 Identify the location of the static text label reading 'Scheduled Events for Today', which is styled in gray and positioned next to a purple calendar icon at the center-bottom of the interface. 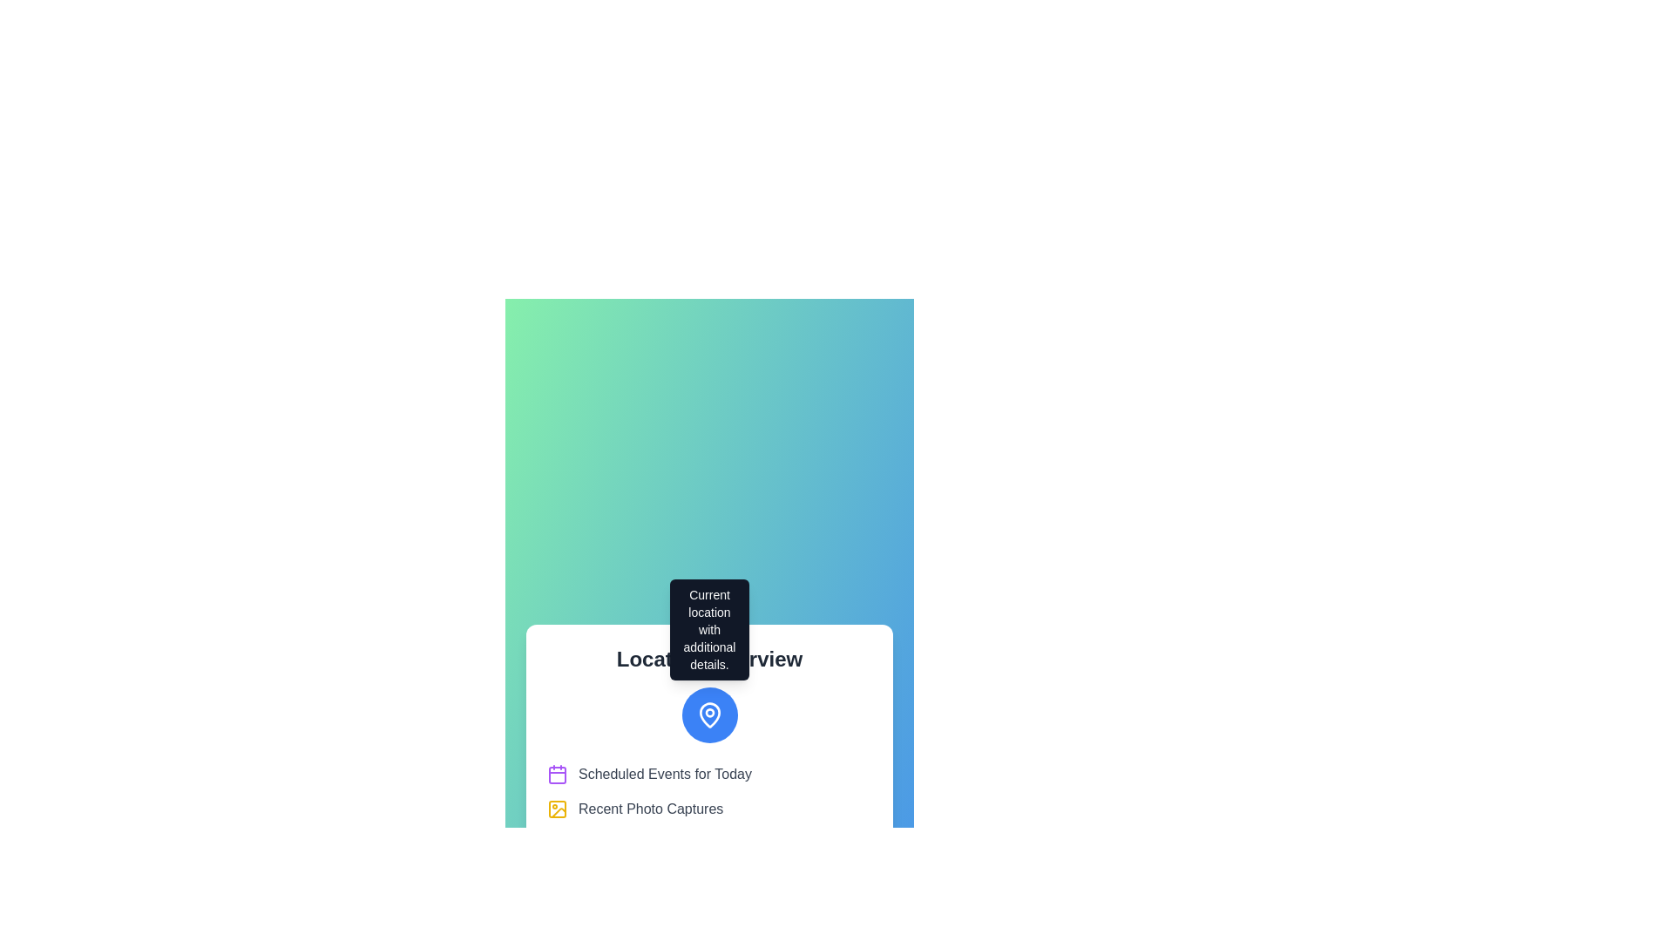
(664, 773).